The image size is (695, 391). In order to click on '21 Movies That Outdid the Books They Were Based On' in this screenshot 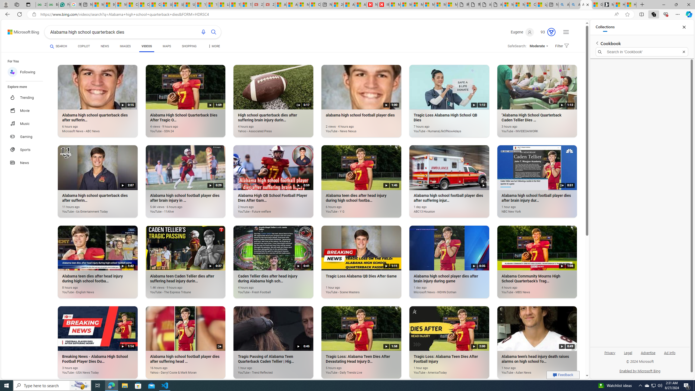, I will do `click(269, 4)`.